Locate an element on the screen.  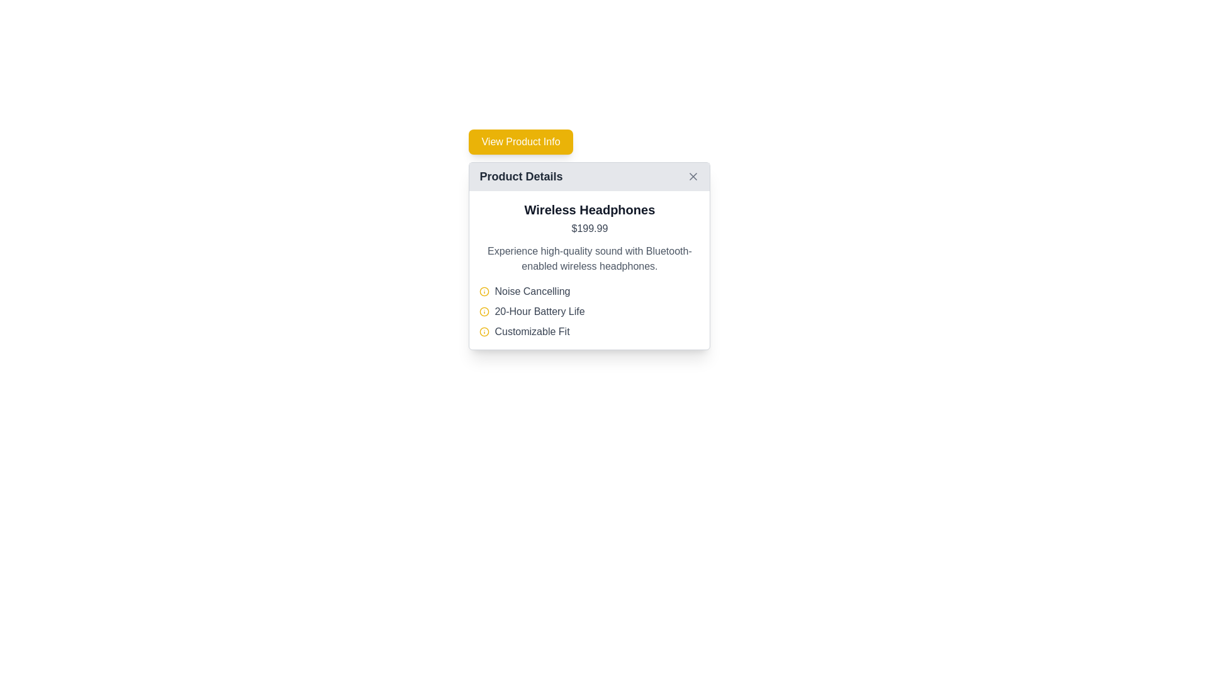
the rectangular button with a yellow background and white text reading 'View Product Info' is located at coordinates (520, 141).